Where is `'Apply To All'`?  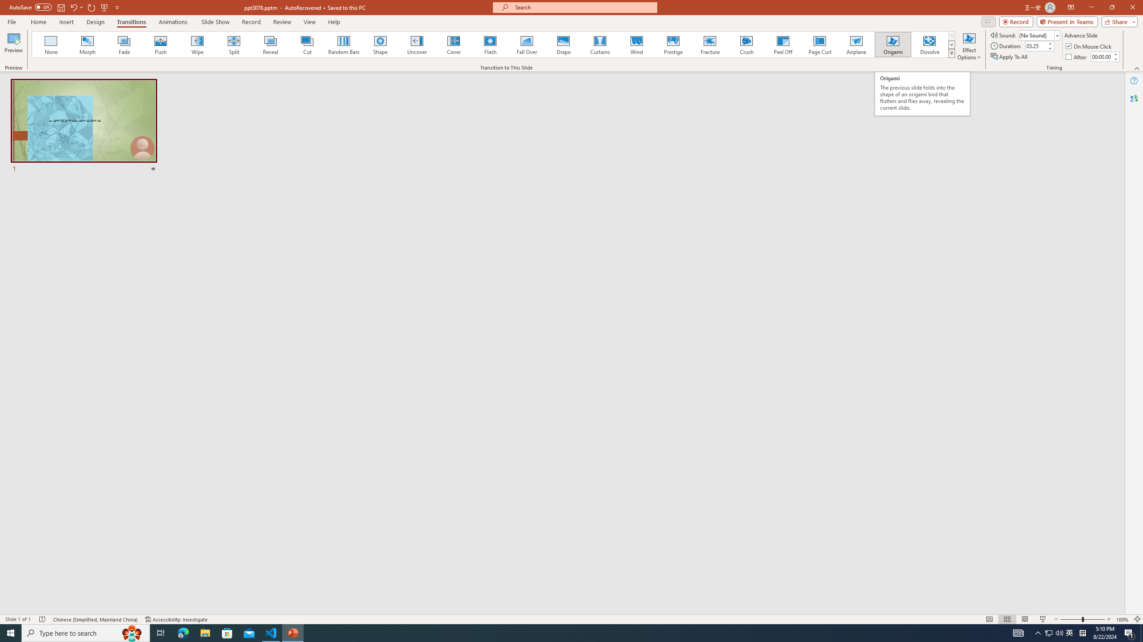
'Apply To All' is located at coordinates (1010, 57).